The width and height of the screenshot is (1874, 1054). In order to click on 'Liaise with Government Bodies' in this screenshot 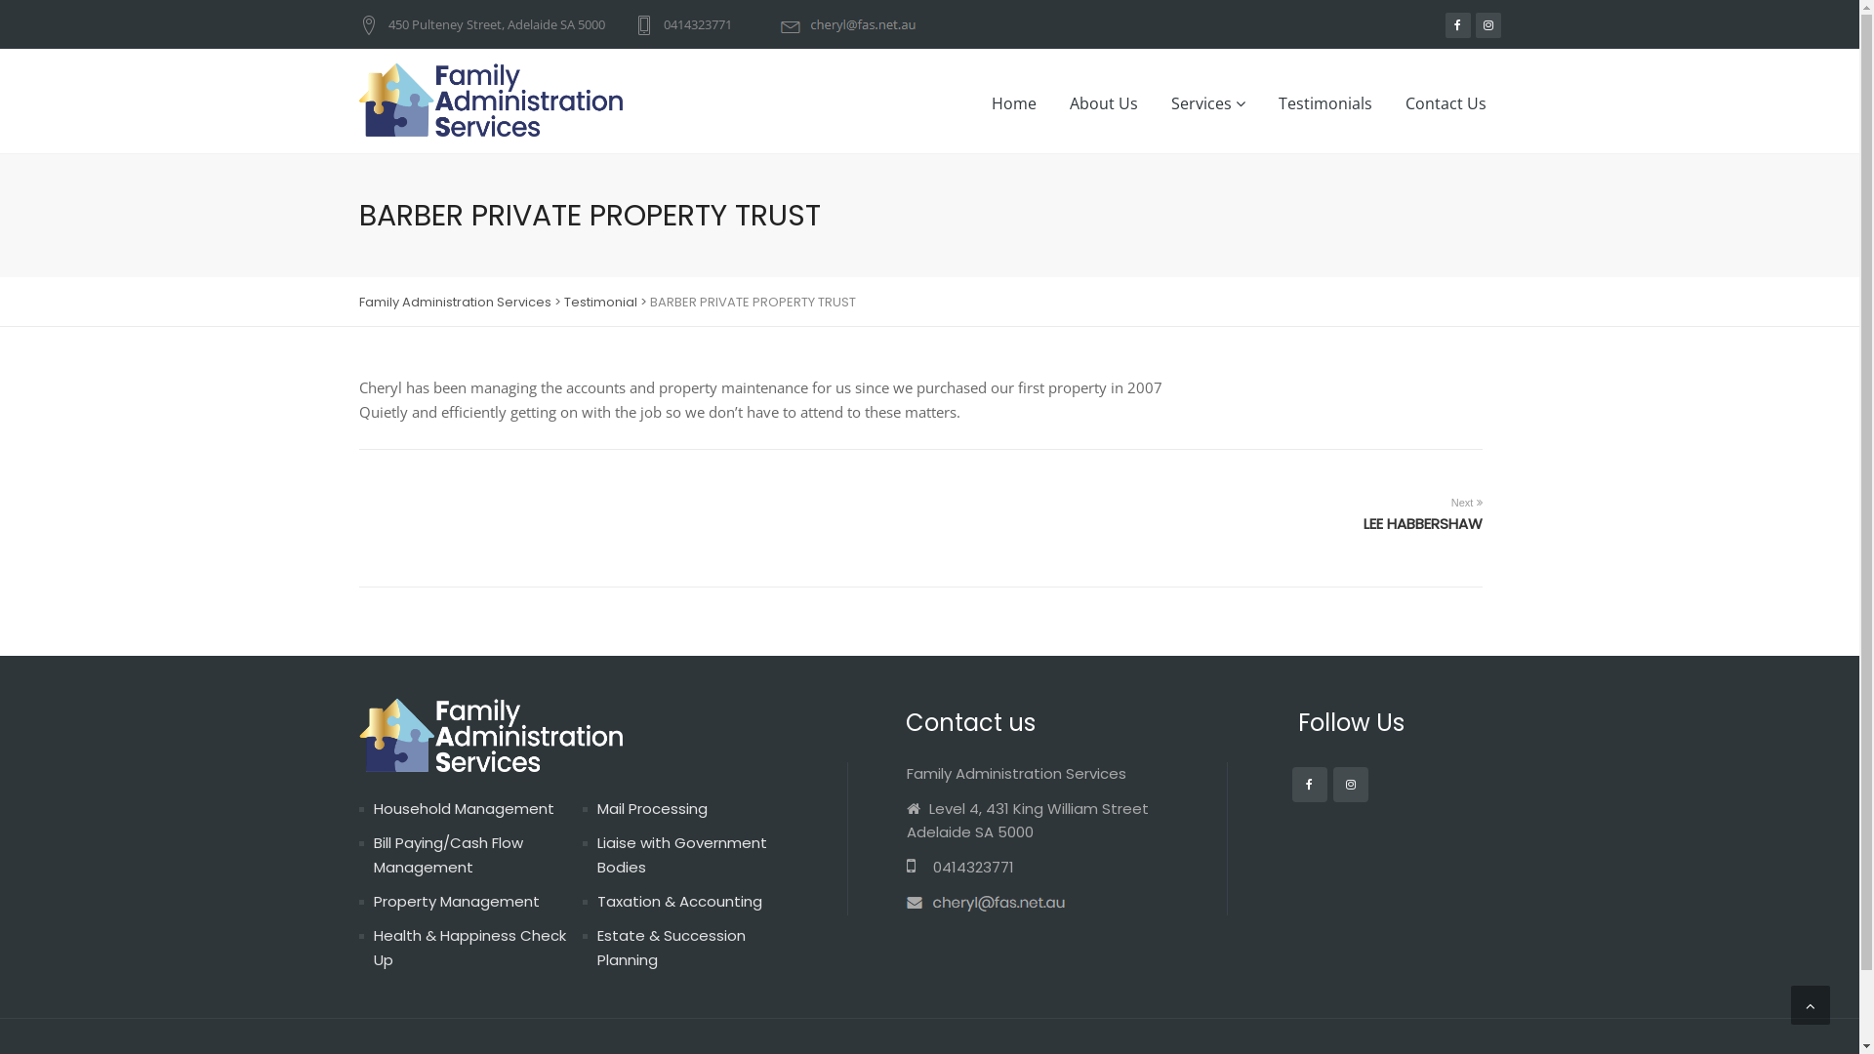, I will do `click(682, 853)`.